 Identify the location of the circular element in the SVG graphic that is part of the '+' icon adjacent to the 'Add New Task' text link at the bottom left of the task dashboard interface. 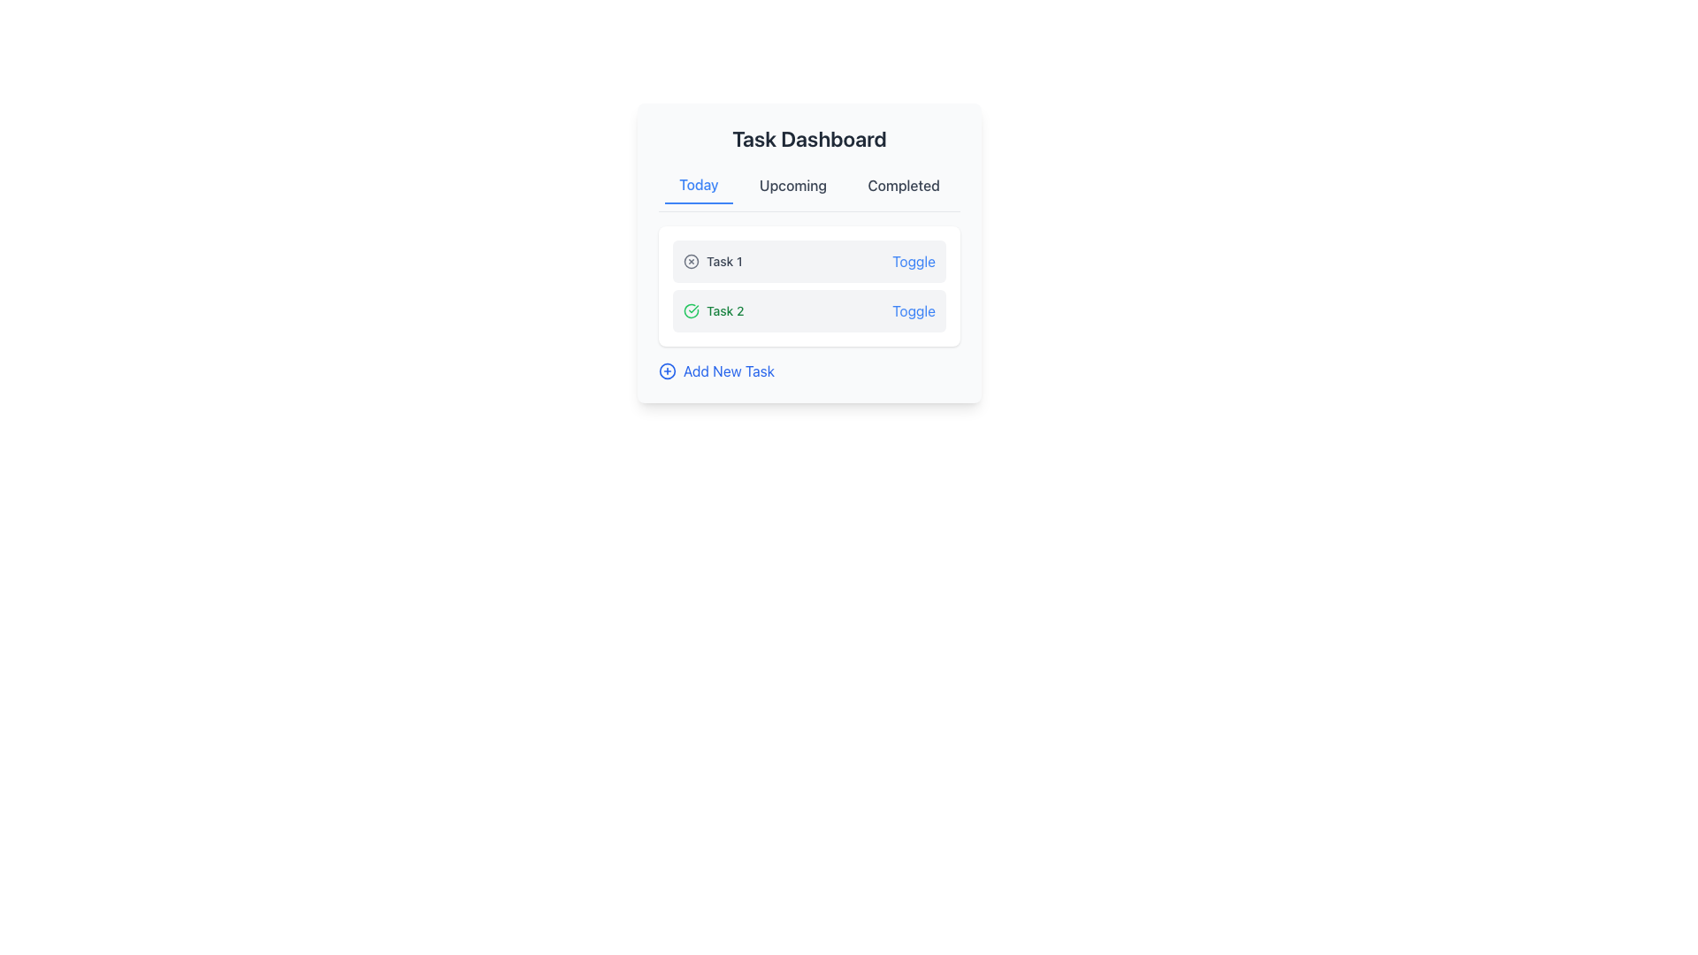
(666, 371).